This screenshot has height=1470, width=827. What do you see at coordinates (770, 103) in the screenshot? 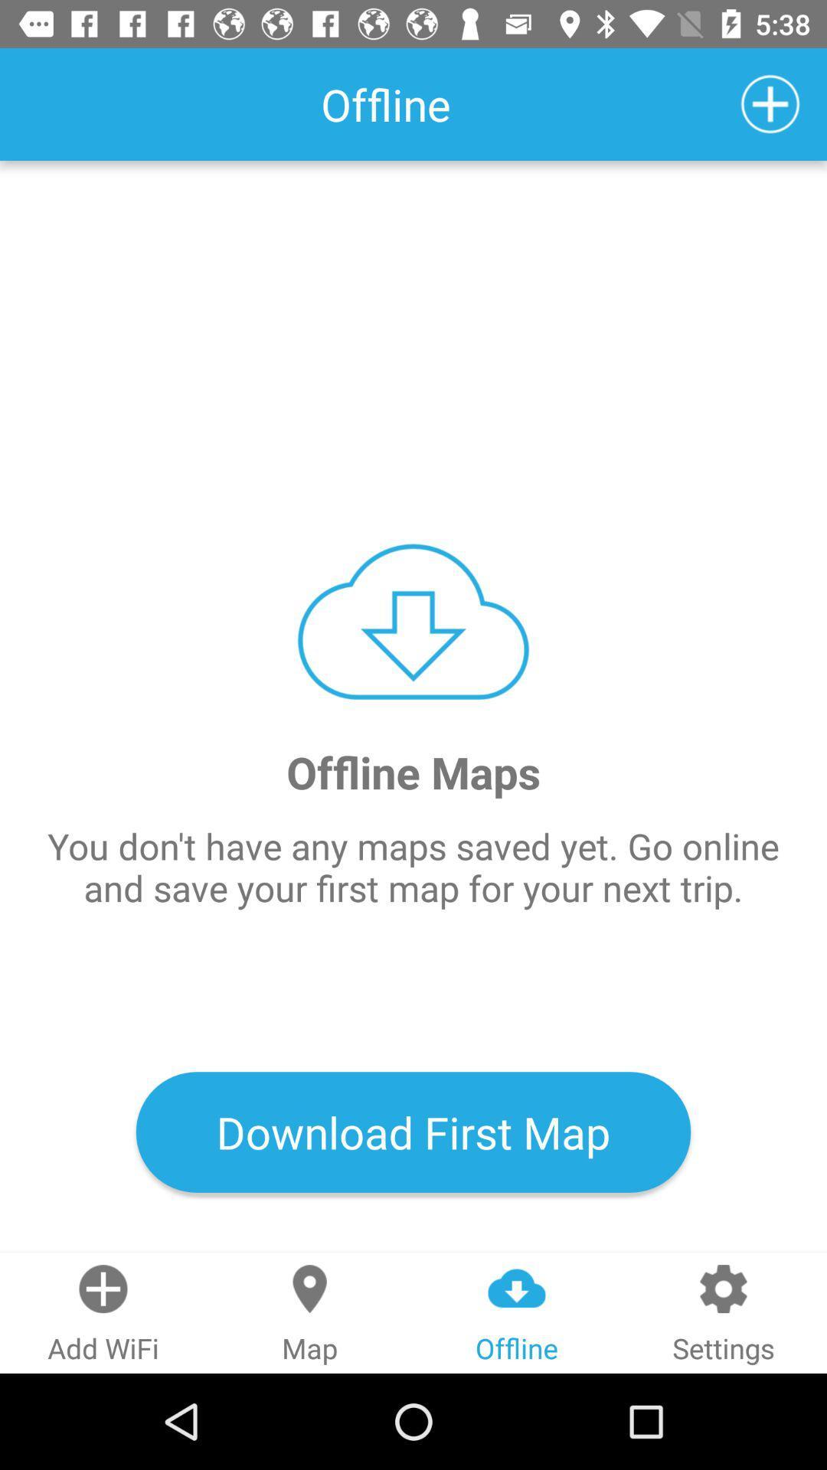
I see `the icon which is at top right corner` at bounding box center [770, 103].